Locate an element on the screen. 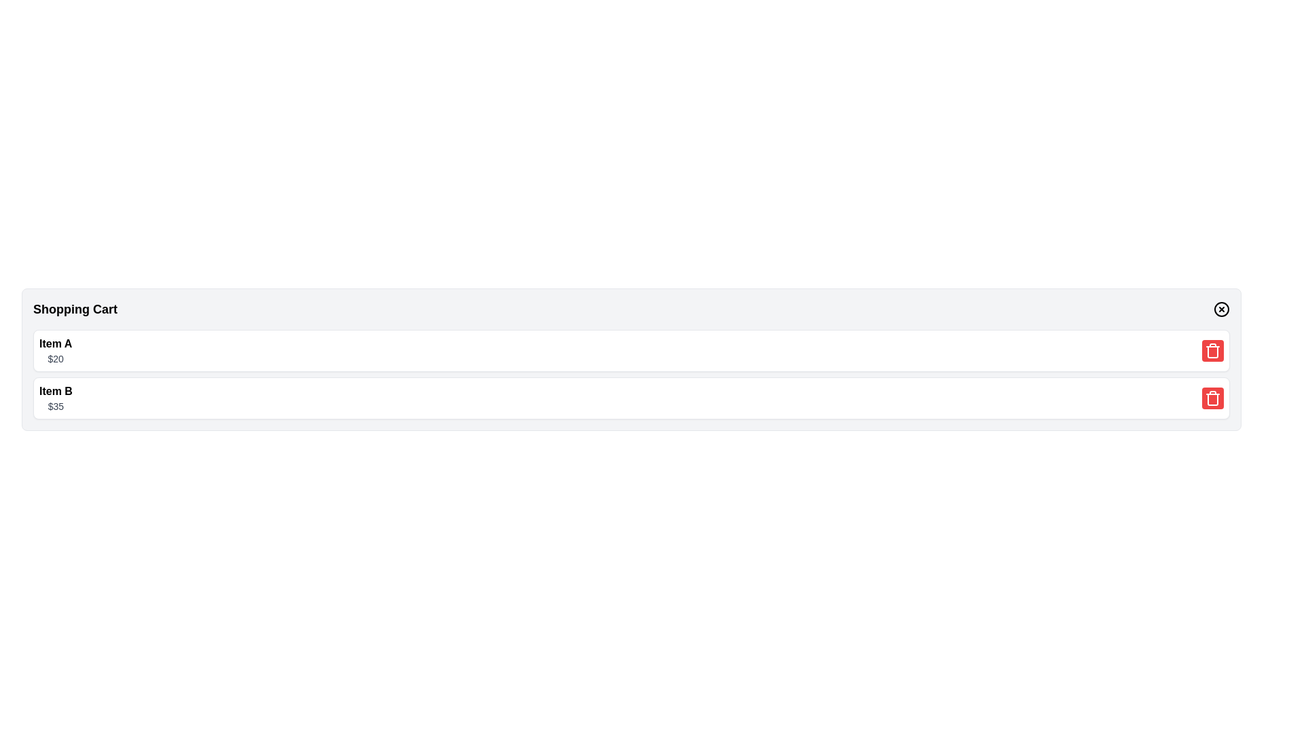 Image resolution: width=1304 pixels, height=733 pixels. text from the first item entry in the shopping cart interface, which displays the item's name and price information is located at coordinates (55, 350).